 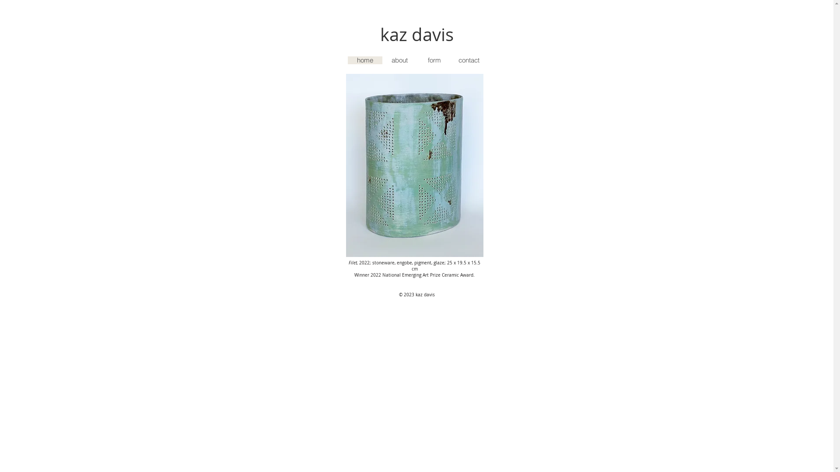 What do you see at coordinates (364, 60) in the screenshot?
I see `'home'` at bounding box center [364, 60].